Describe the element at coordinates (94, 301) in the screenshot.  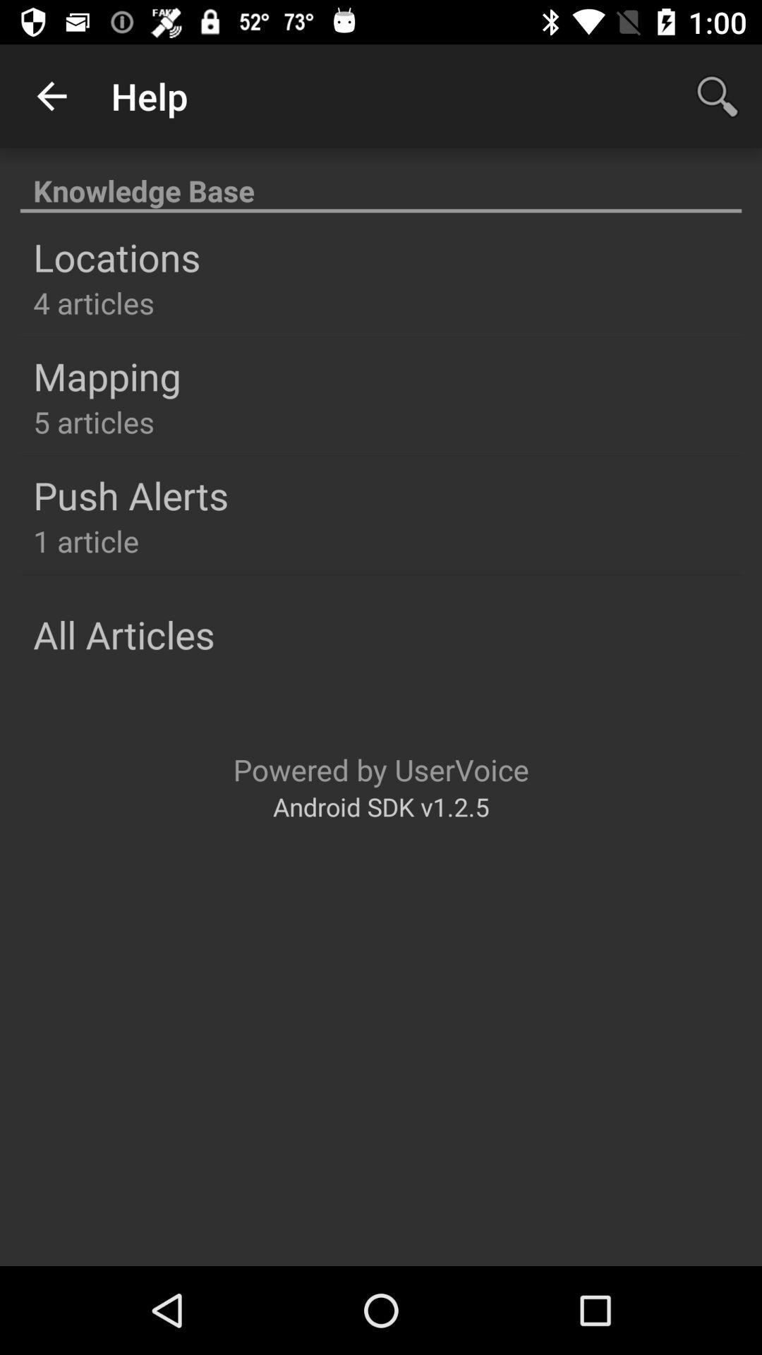
I see `4 articles` at that location.